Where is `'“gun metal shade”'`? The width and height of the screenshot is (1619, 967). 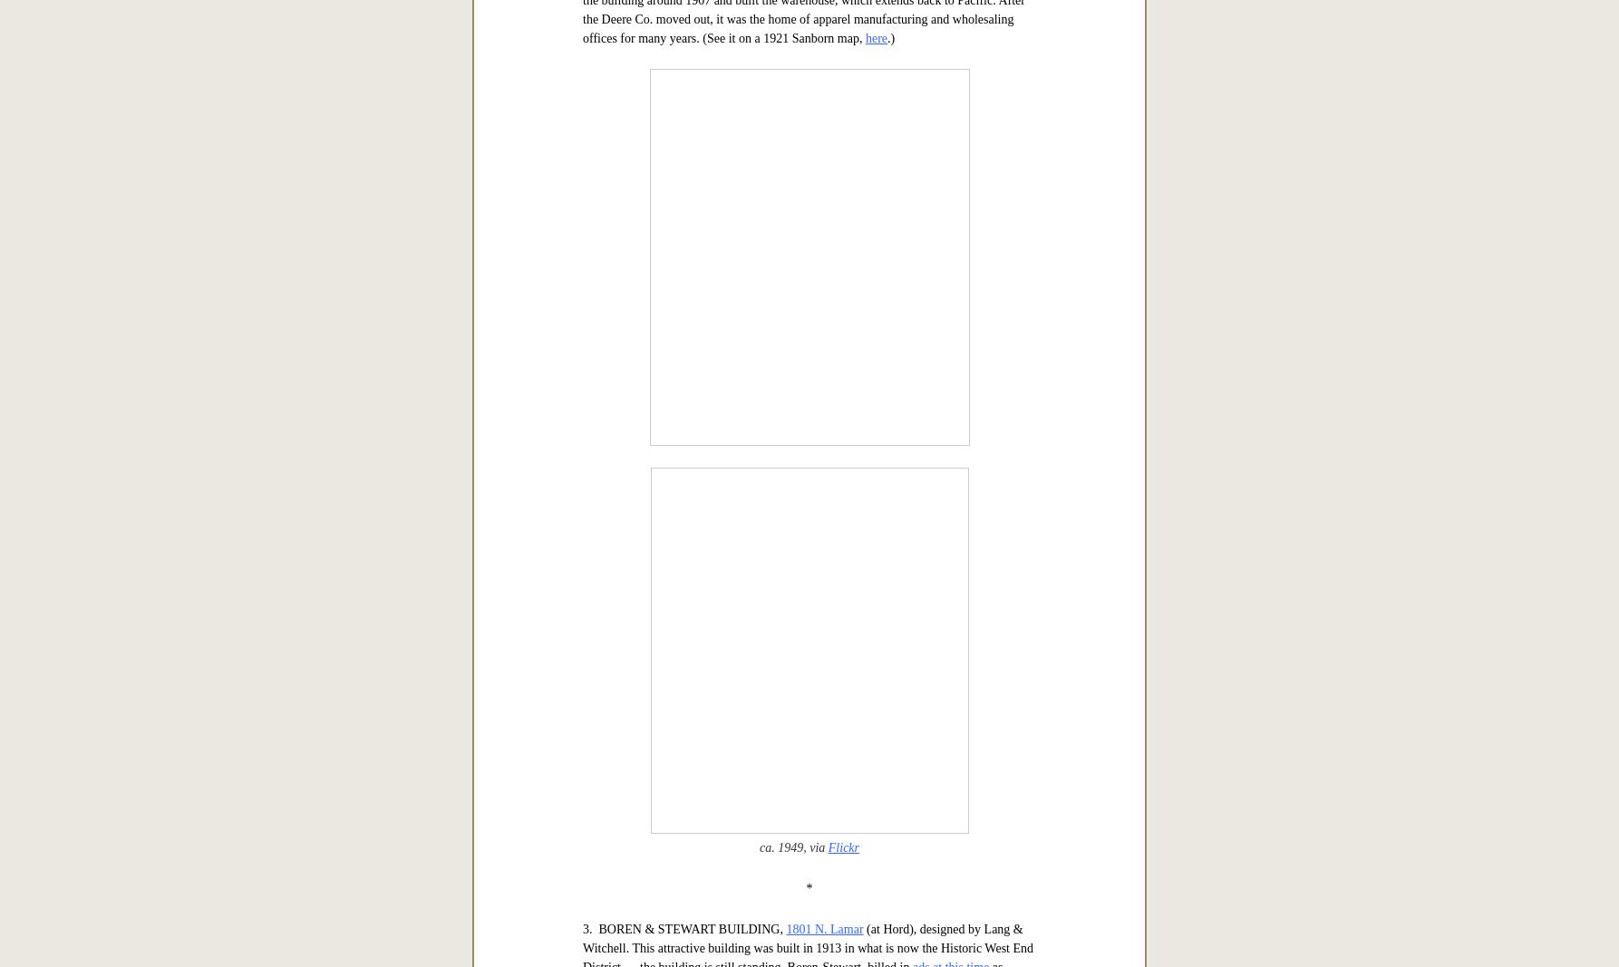
'“gun metal shade”' is located at coordinates (728, 276).